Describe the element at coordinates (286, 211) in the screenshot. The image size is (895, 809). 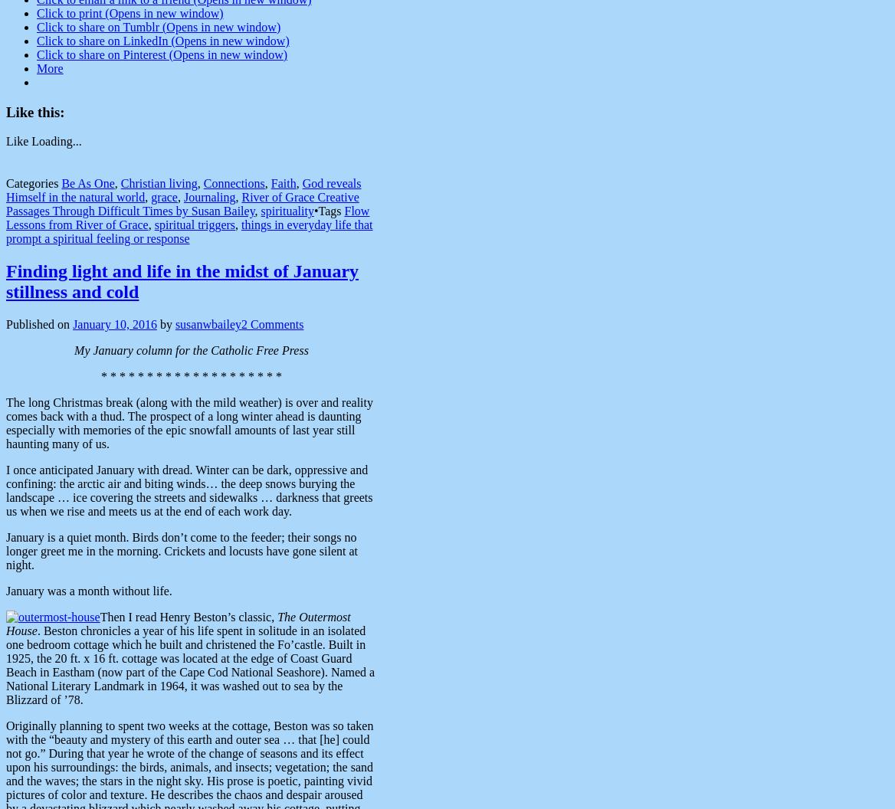
I see `'spirituality'` at that location.